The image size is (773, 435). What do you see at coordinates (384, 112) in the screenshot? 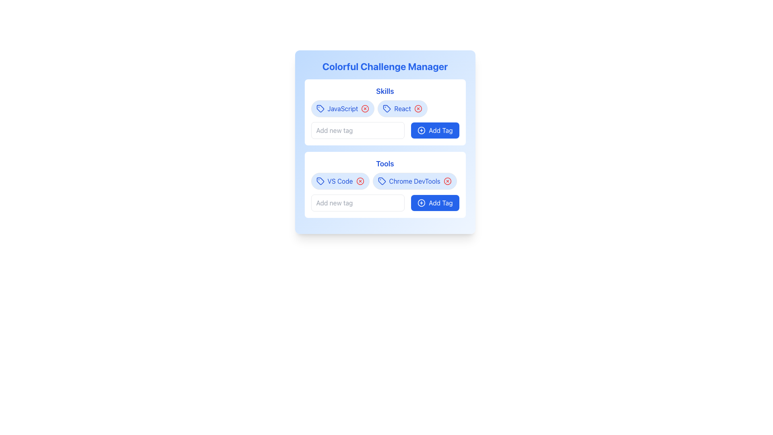
I see `the delete icon on a tag in the skills management panel, which is located below the 'Colorful Challenge Manager' heading` at bounding box center [384, 112].